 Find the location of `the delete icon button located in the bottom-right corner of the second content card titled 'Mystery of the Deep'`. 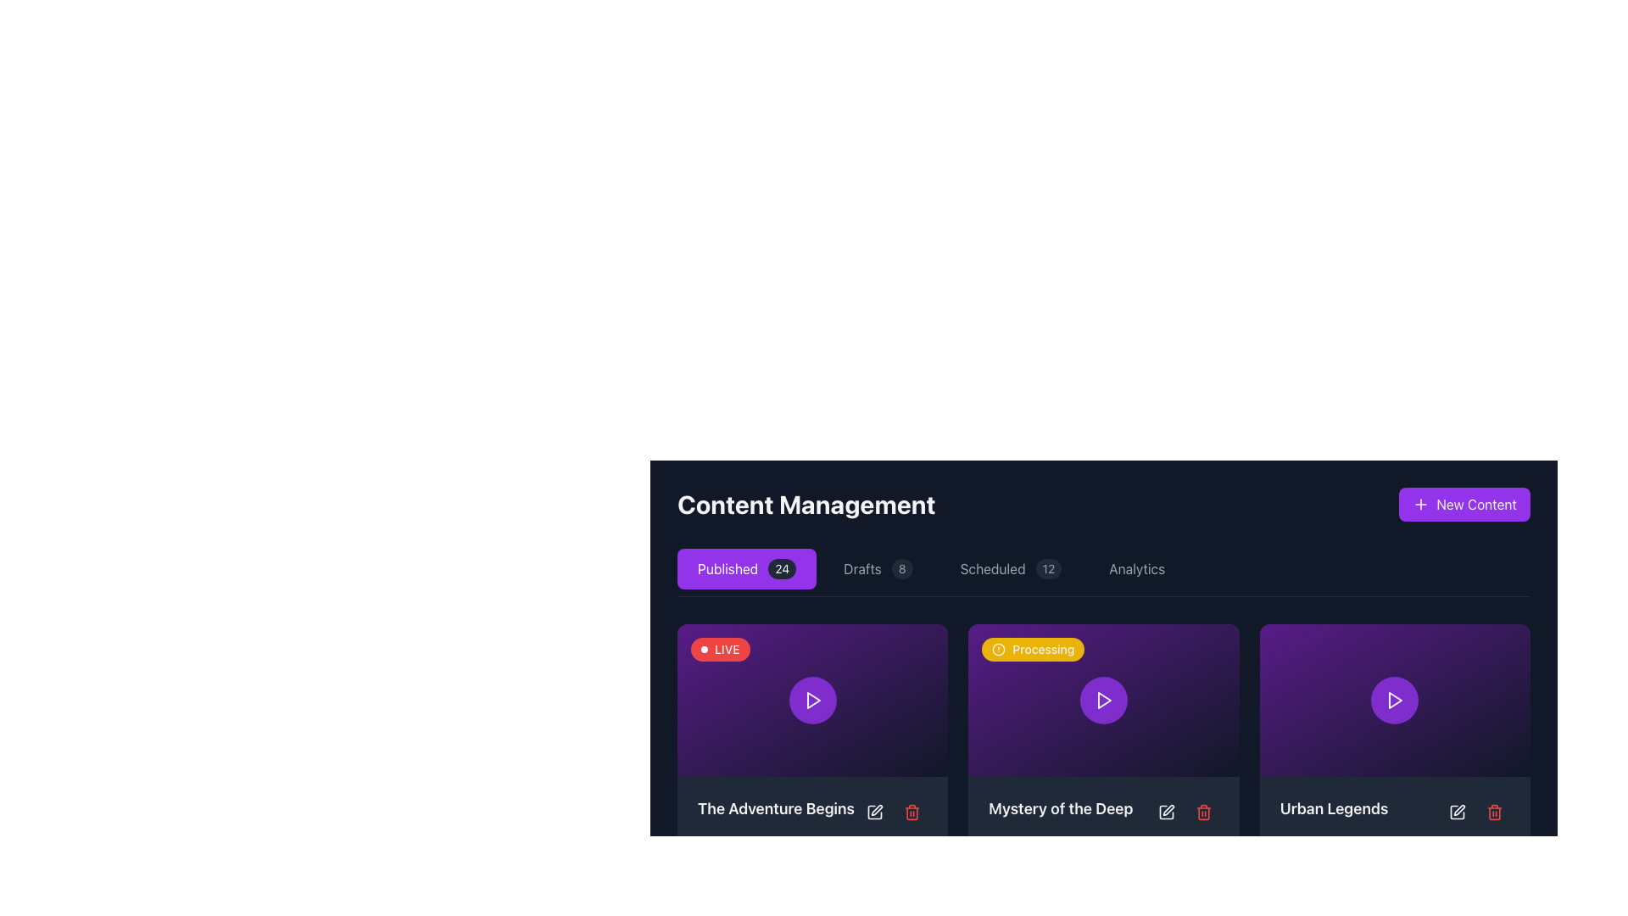

the delete icon button located in the bottom-right corner of the second content card titled 'Mystery of the Deep' is located at coordinates (1202, 811).